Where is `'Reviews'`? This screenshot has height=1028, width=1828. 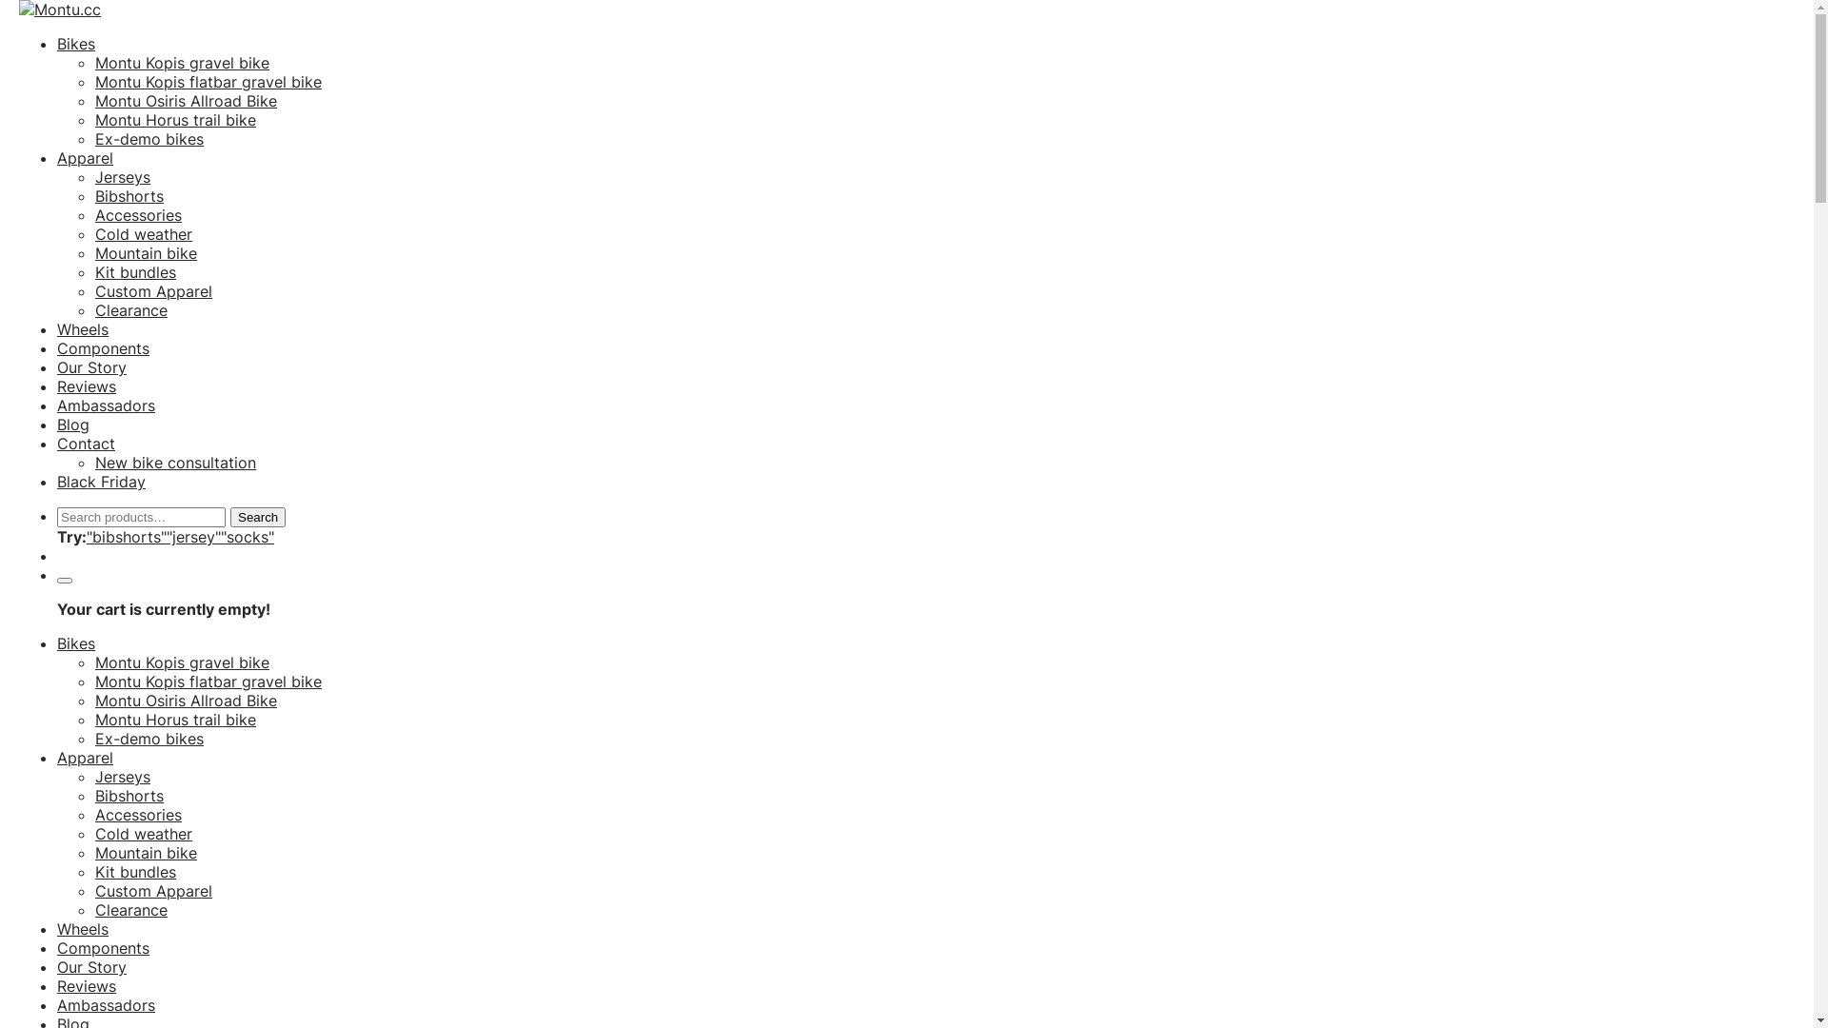
'Reviews' is located at coordinates (86, 985).